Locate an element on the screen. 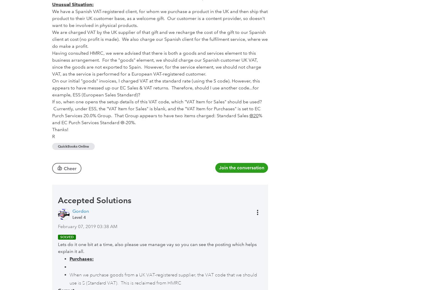  '‎February 07, 2019' is located at coordinates (77, 226).